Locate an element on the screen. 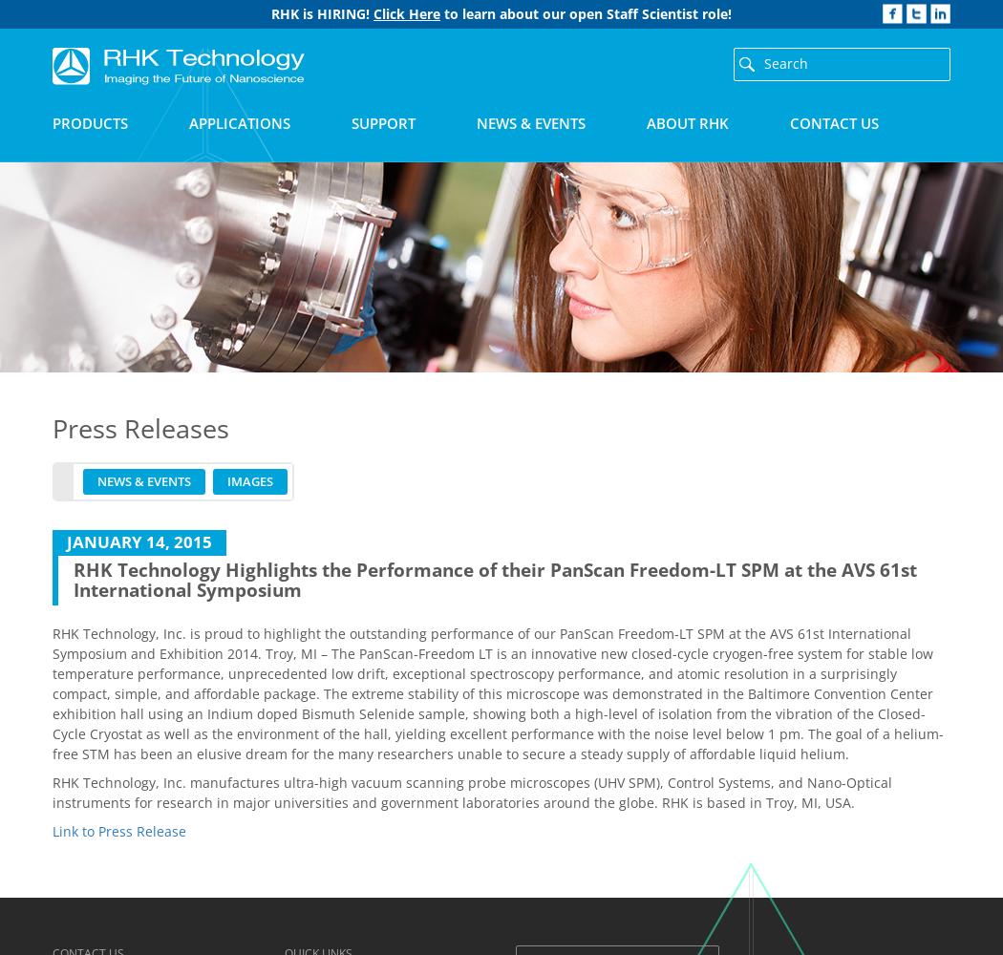 The width and height of the screenshot is (1003, 955). 'RHK Technology Highlights the Performance of their PanScan Freedom-LT SPM at the AVS 61st International Symposium' is located at coordinates (73, 578).